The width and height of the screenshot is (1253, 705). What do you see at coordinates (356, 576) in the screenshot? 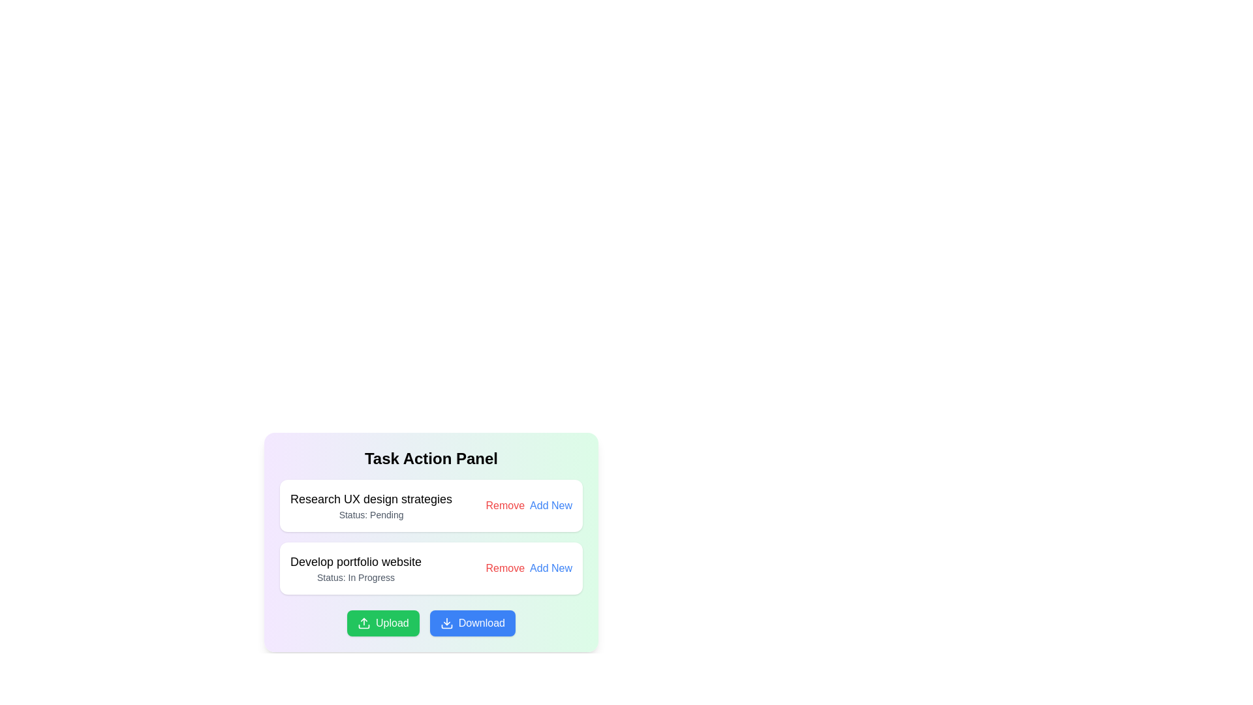
I see `the informational label that states 'Status: In Progress' located below the task titled 'Develop portfolio website'` at bounding box center [356, 576].